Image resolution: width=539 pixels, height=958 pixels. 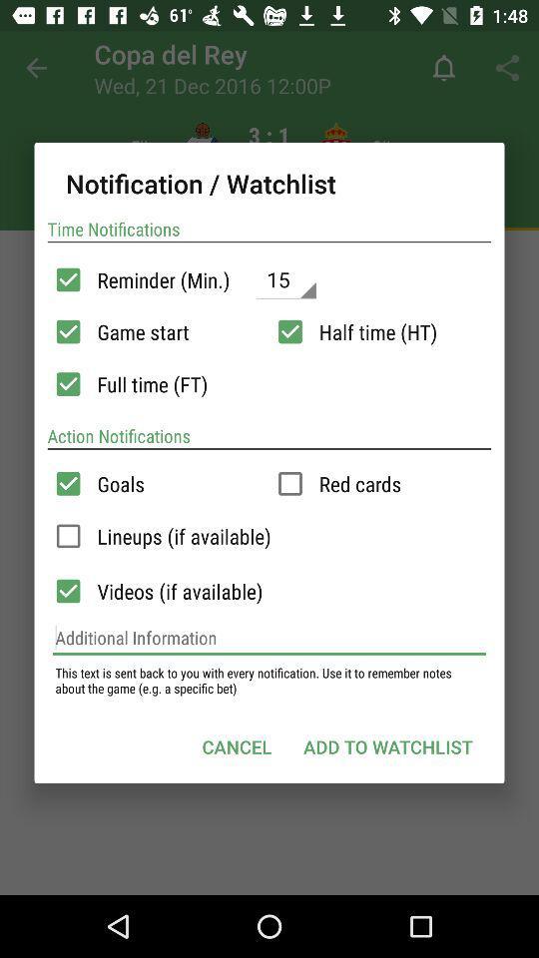 I want to click on notiication option box, so click(x=67, y=383).